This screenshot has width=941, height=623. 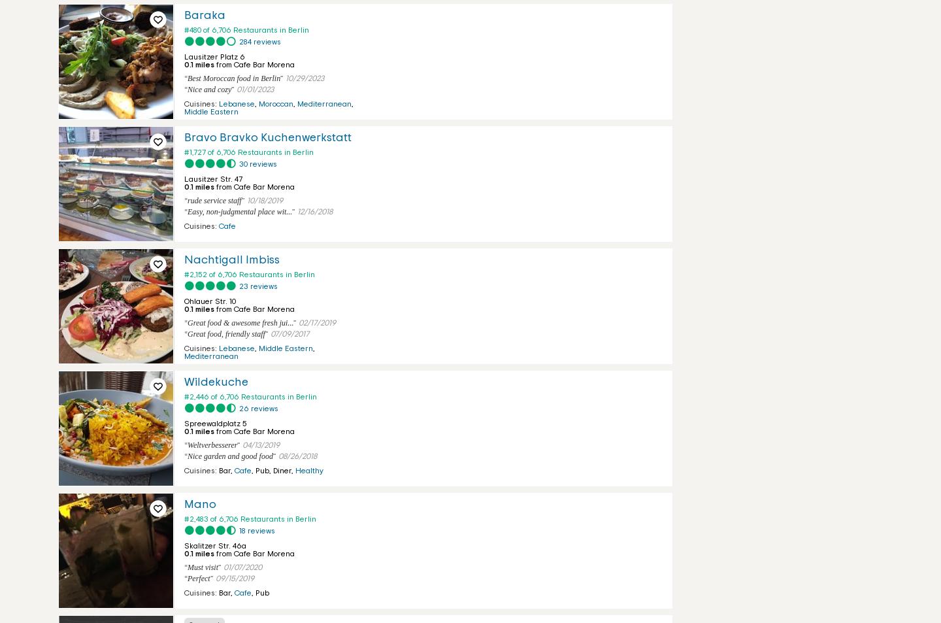 I want to click on 'Best Moroccan food in Berlin', so click(x=233, y=77).